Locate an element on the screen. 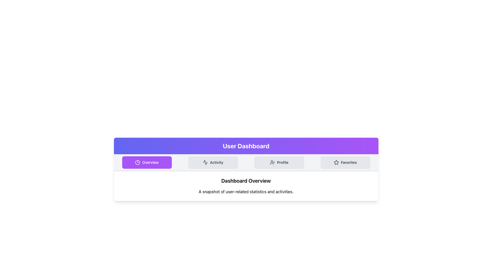 The image size is (496, 279). the 'Favorites' icon in the tab navigation bar, which visually represents the 'Favorites' section of the application is located at coordinates (336, 162).